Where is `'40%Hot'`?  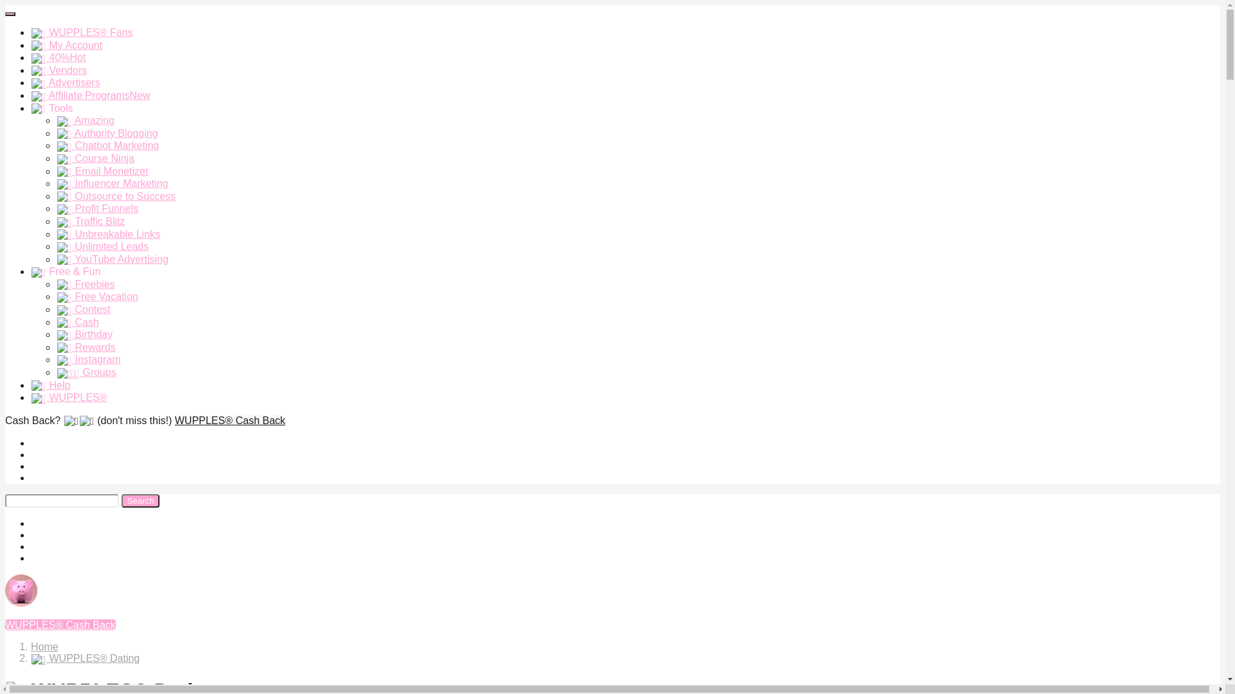 '40%Hot' is located at coordinates (57, 57).